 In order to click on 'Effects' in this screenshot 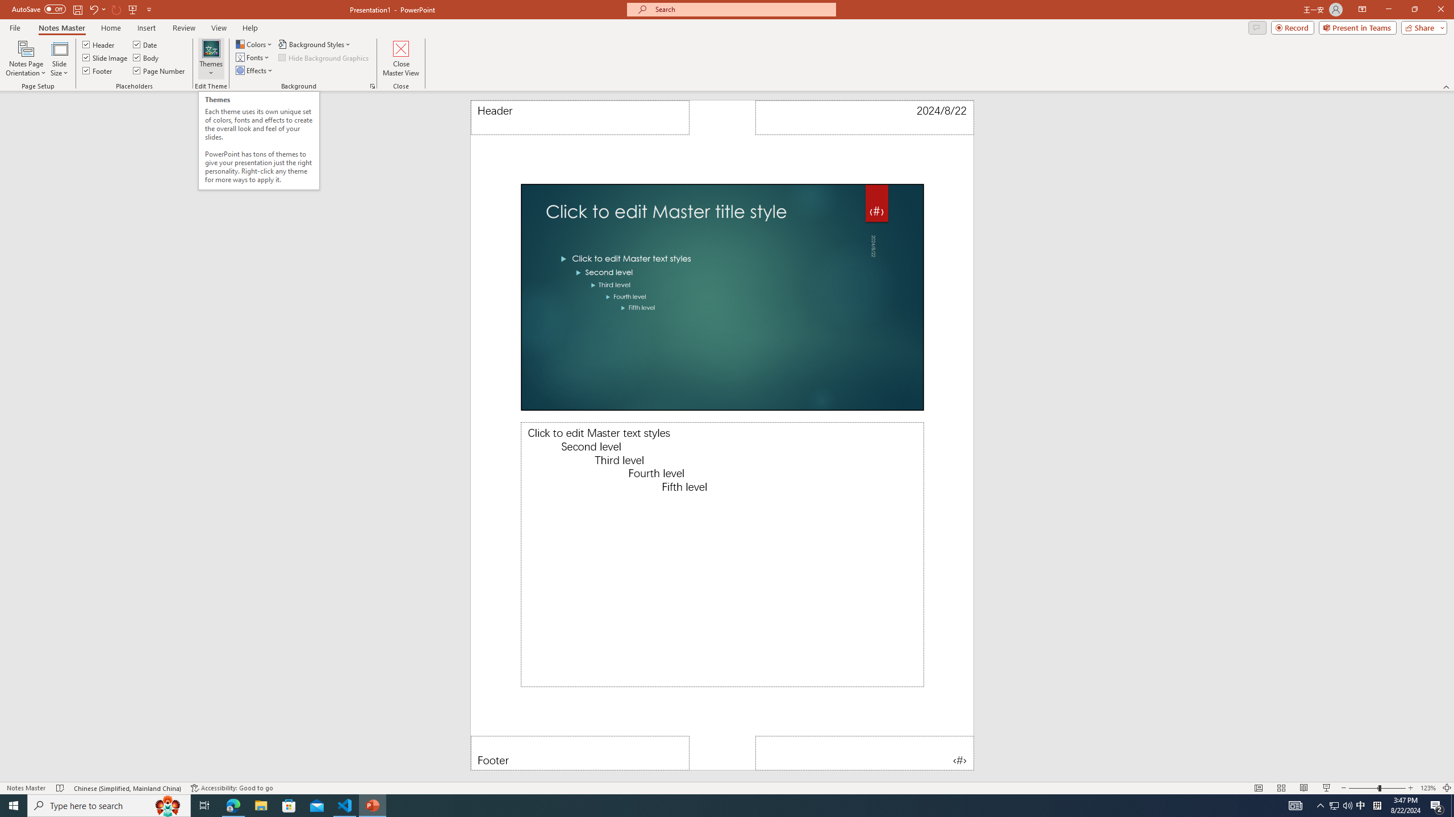, I will do `click(254, 69)`.